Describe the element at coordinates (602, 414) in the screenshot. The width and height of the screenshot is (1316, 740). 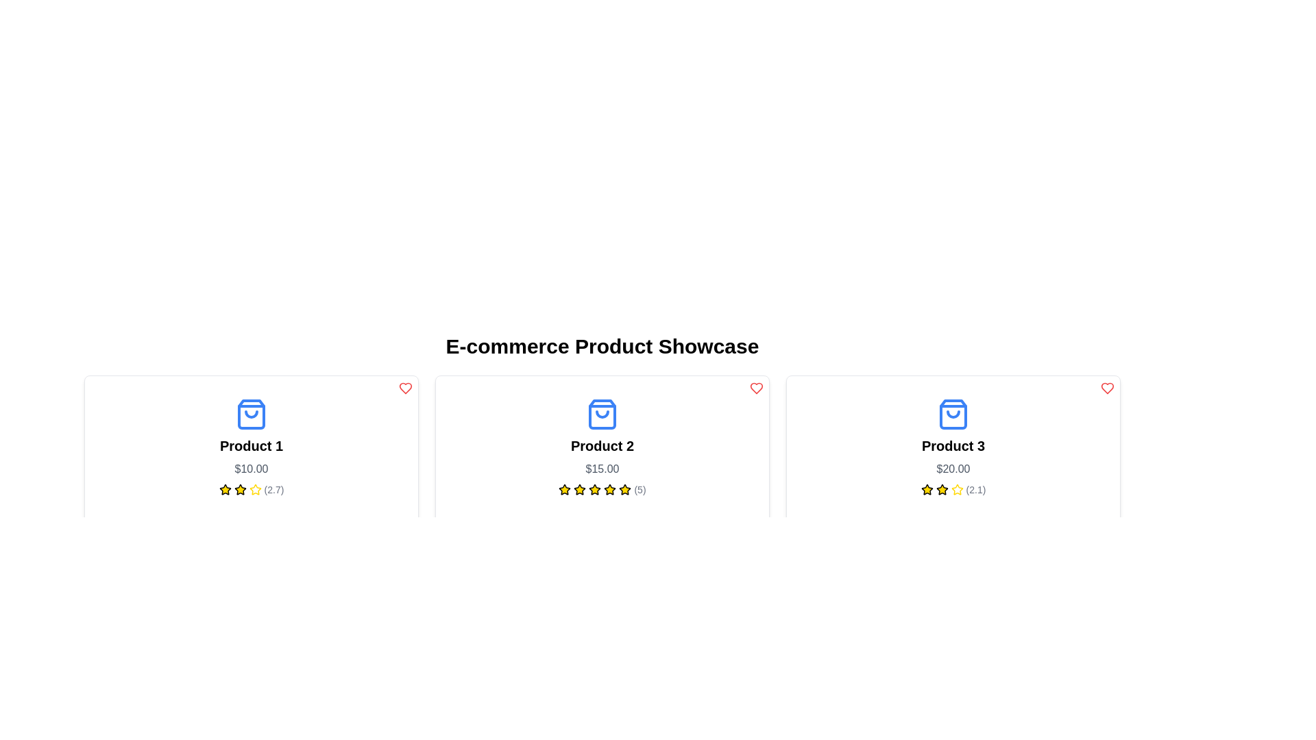
I see `the shopping icon located at the top of the Product 2 card, which represents the commerce aspect of the product` at that location.